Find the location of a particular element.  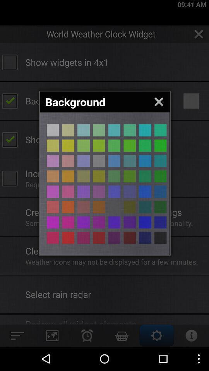

background colour is located at coordinates (99, 160).